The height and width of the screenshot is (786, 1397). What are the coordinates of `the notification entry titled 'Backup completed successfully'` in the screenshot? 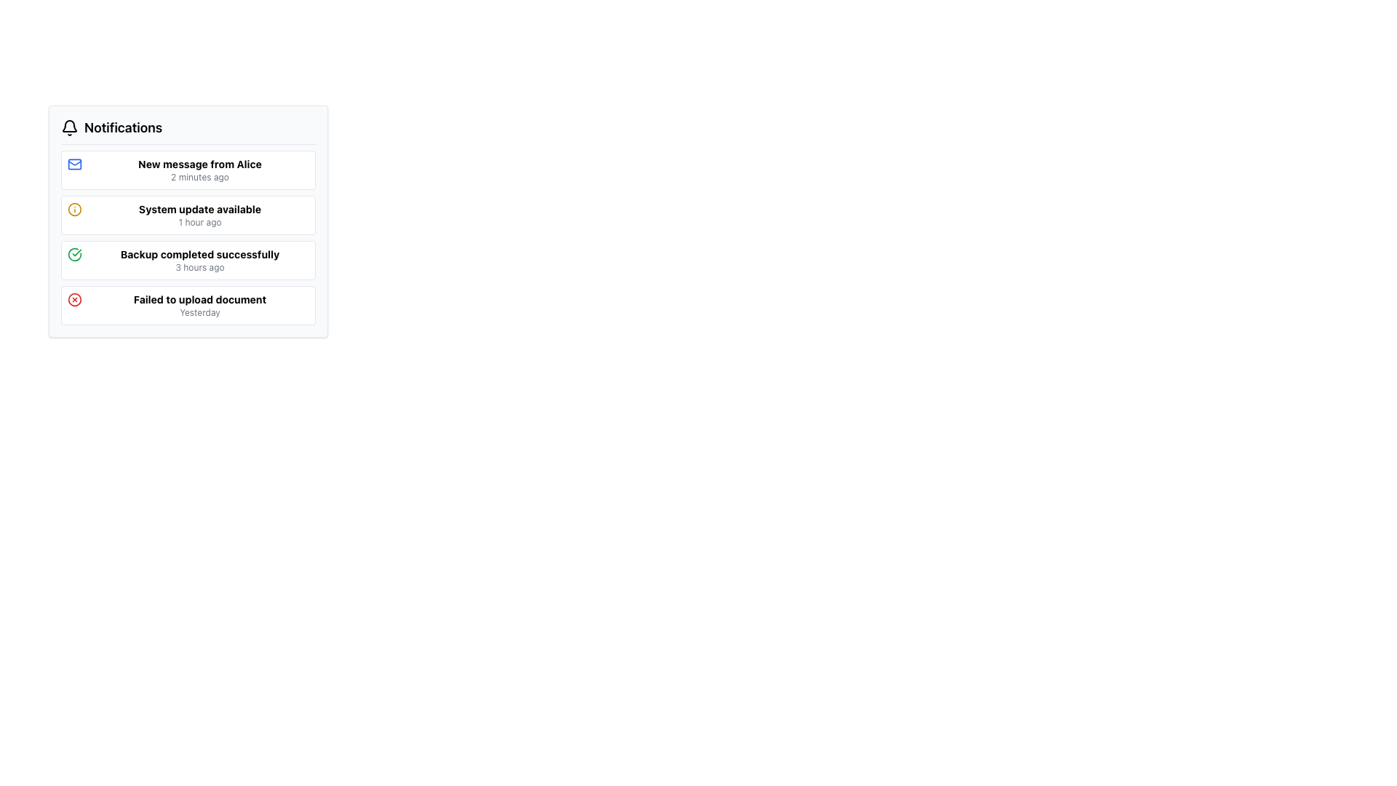 It's located at (188, 260).